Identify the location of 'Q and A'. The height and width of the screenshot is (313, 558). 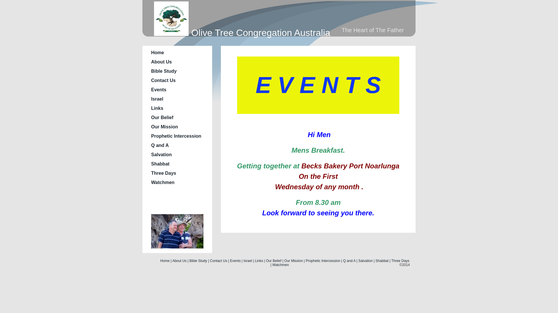
(160, 145).